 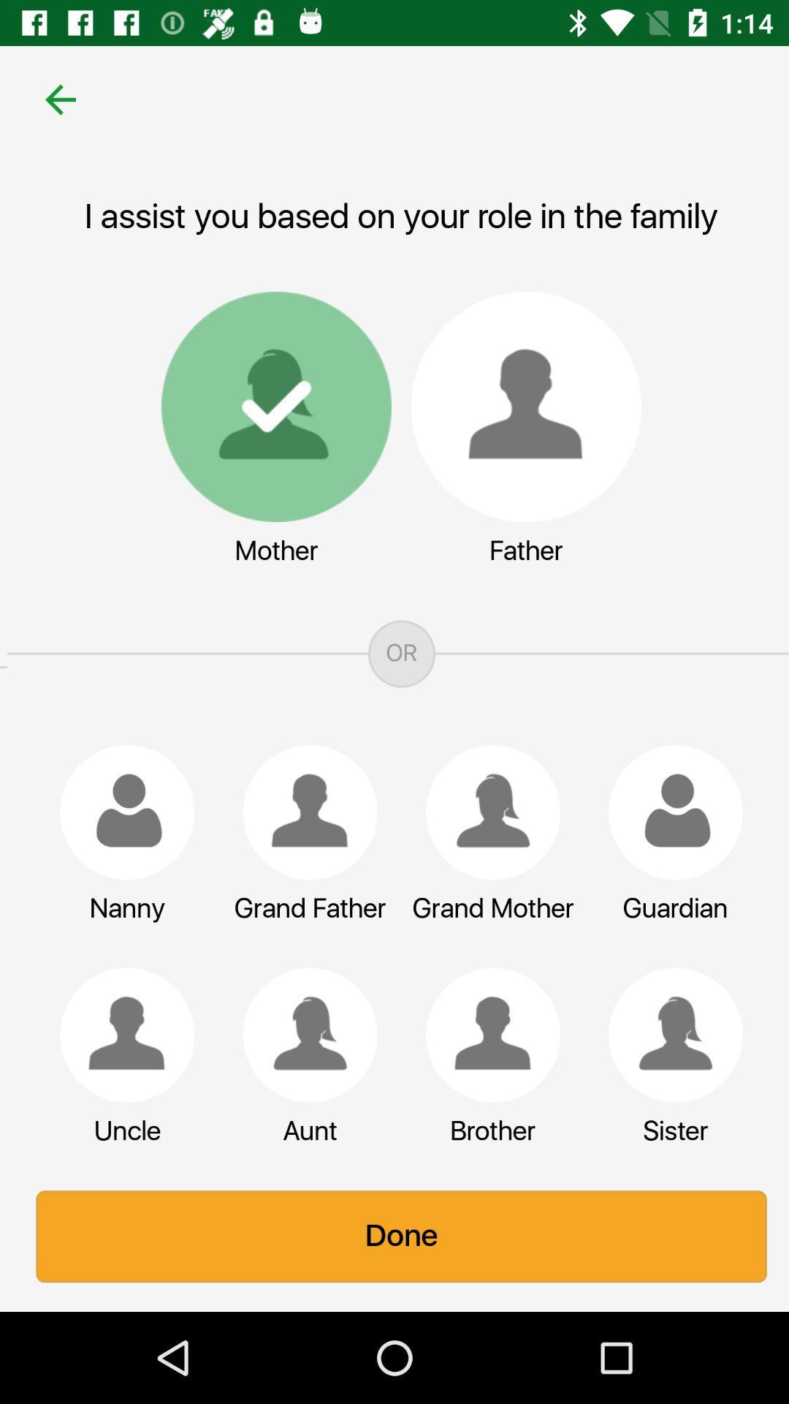 What do you see at coordinates (668, 1034) in the screenshot?
I see `the icon below guardian icon` at bounding box center [668, 1034].